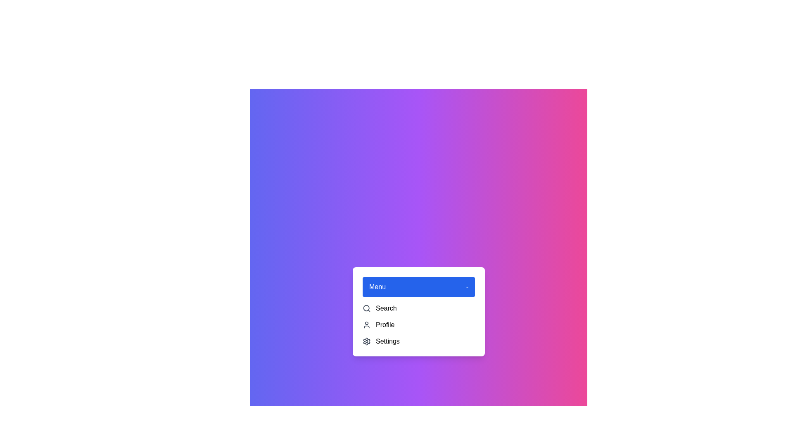 Image resolution: width=793 pixels, height=446 pixels. What do you see at coordinates (366, 341) in the screenshot?
I see `the icon and label for Settings in the dropdown menu` at bounding box center [366, 341].